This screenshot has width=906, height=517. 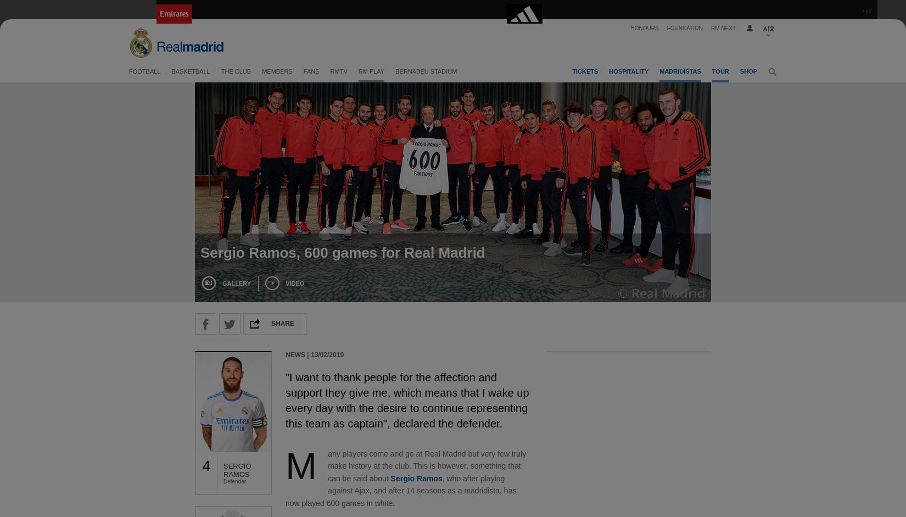 What do you see at coordinates (652, 138) in the screenshot?
I see `'Shop by player'` at bounding box center [652, 138].